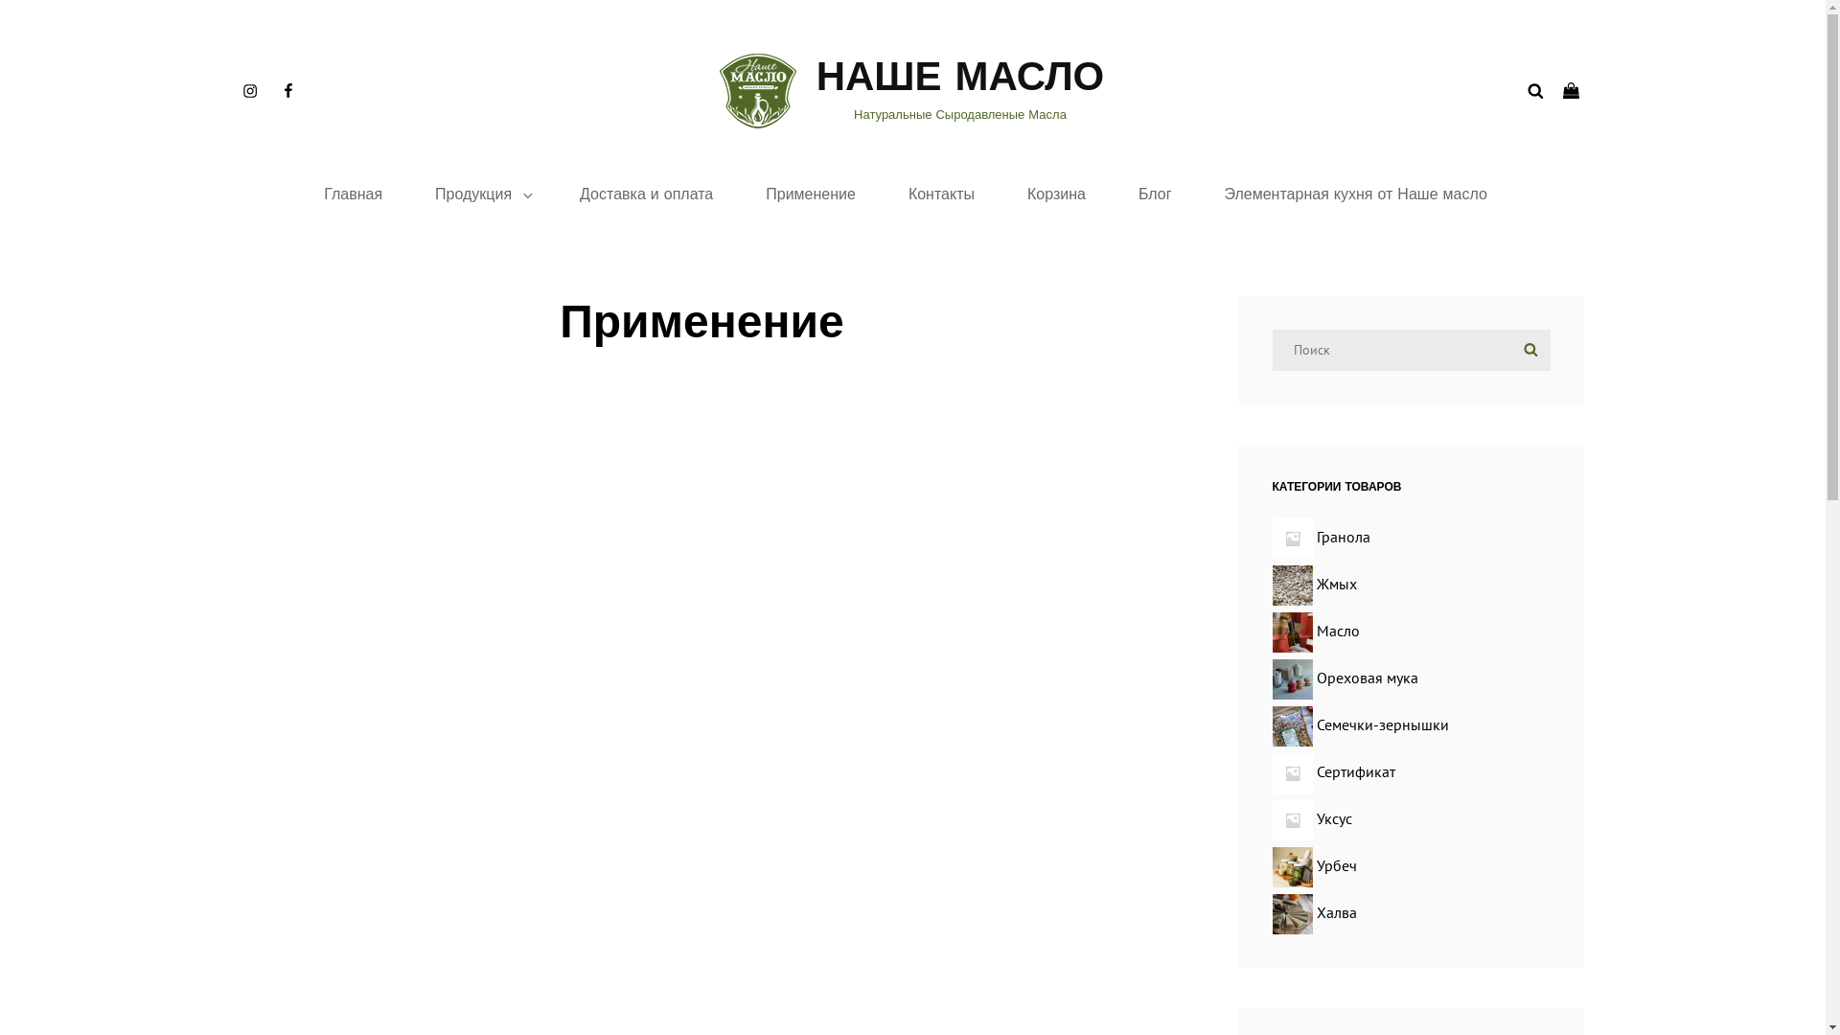  I want to click on 'View your shopping cart', so click(1573, 91).